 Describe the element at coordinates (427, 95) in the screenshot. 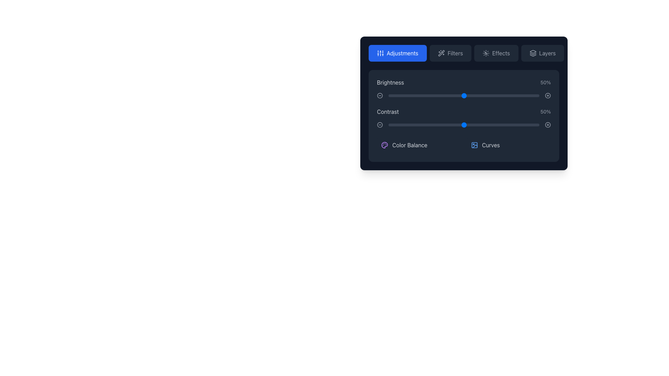

I see `Brightness slider` at that location.